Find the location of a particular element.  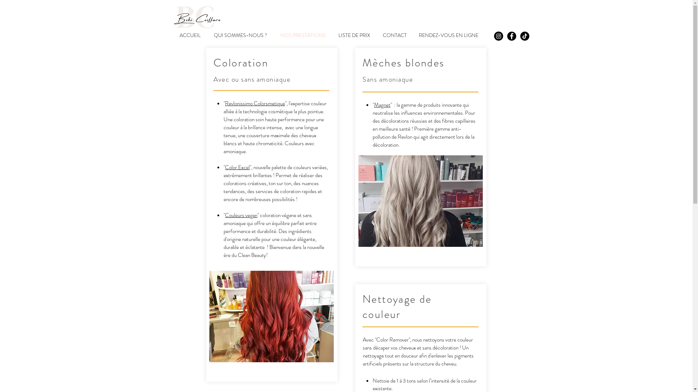

'LISTE DE PRIX' is located at coordinates (355, 35).